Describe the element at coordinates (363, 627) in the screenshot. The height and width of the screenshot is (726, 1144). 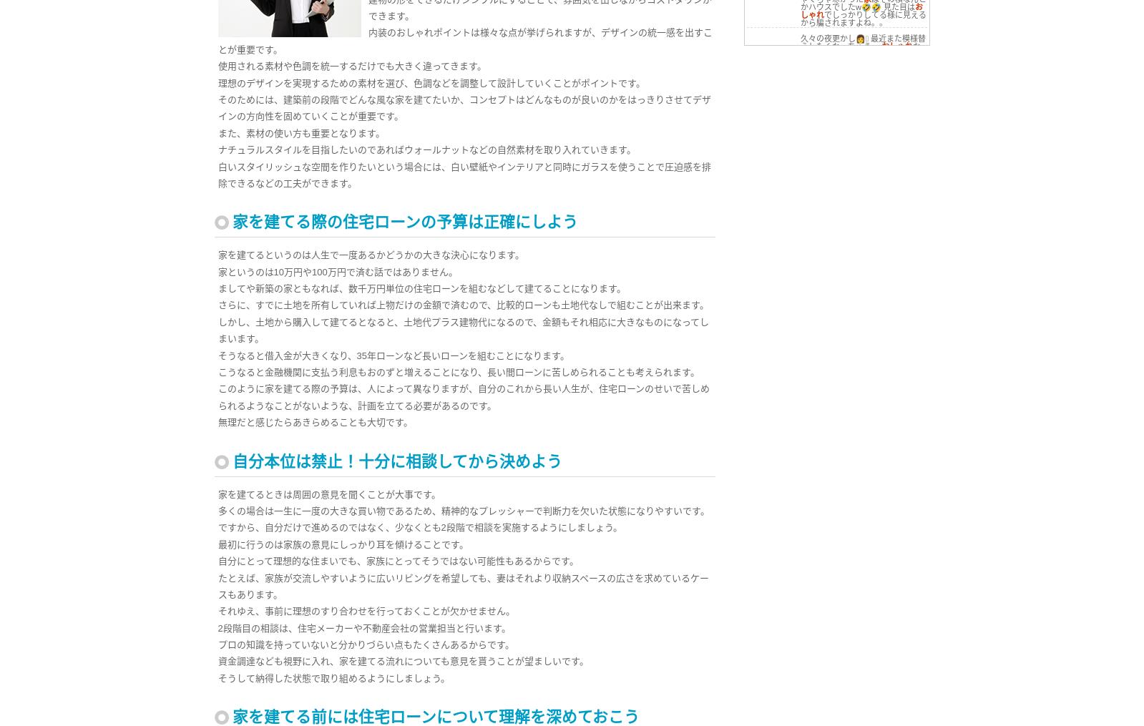
I see `'2段階目の相談は、住宅メーカーや不動産会社の営業担当と行います。'` at that location.